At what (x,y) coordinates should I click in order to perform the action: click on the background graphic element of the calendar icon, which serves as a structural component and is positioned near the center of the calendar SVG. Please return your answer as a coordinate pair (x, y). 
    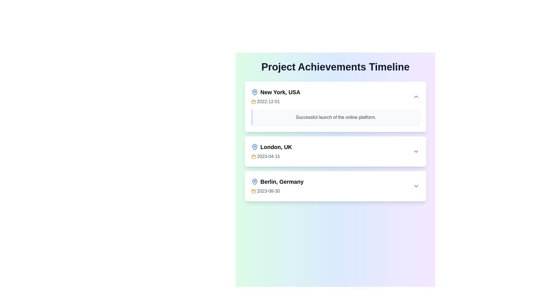
    Looking at the image, I should click on (253, 156).